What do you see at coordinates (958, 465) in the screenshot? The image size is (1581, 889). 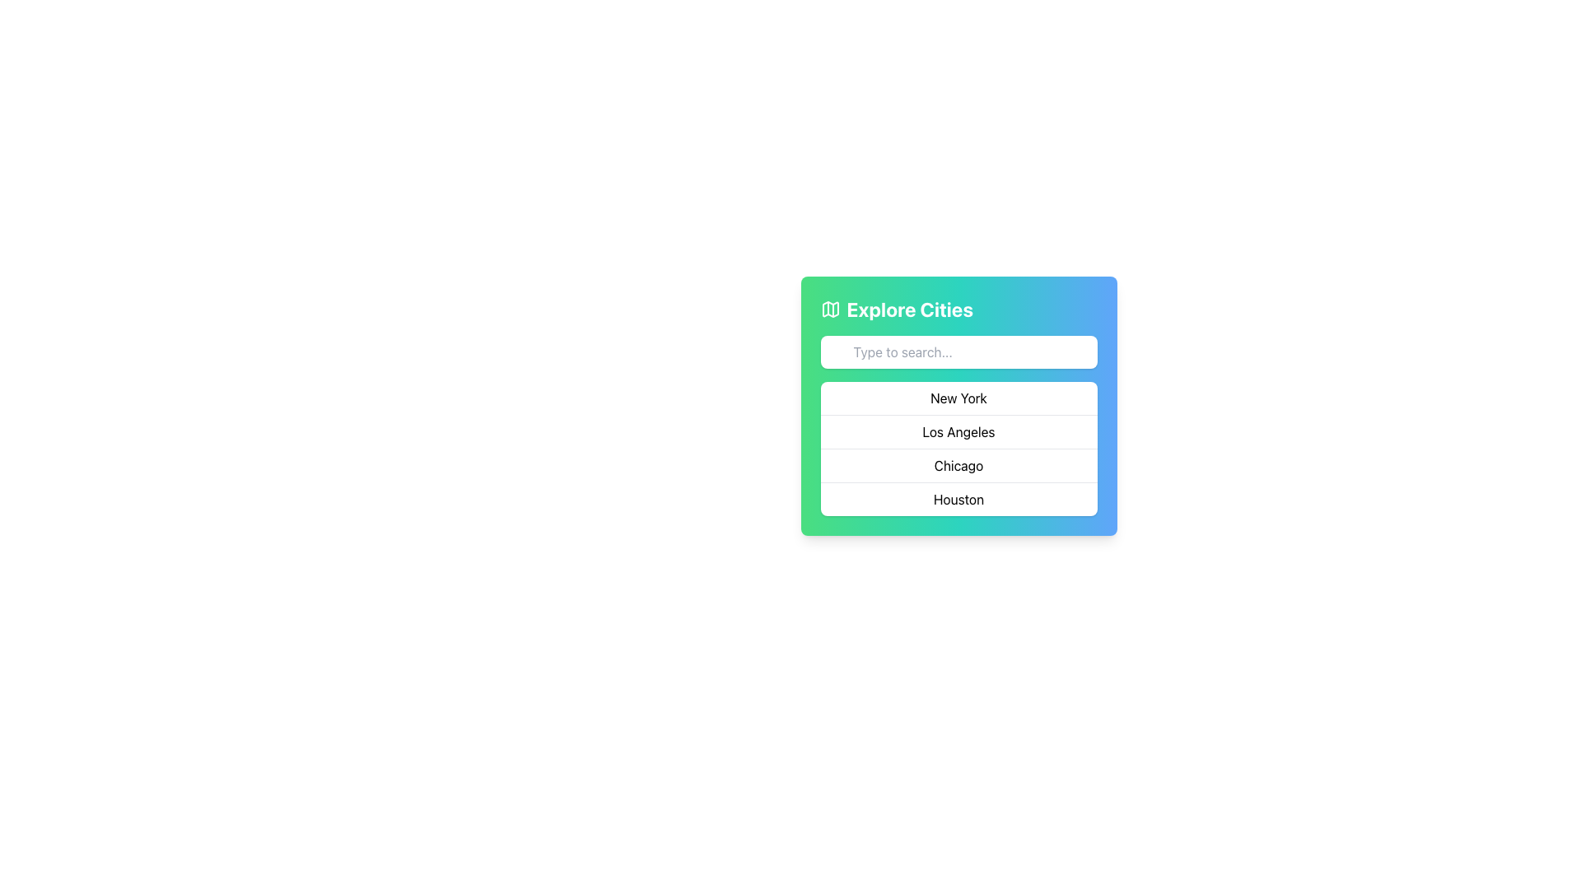 I see `the text label displaying 'Chicago' in bold black font, which is the third item in a vertical list of city names under the header 'Explore Cities'` at bounding box center [958, 465].